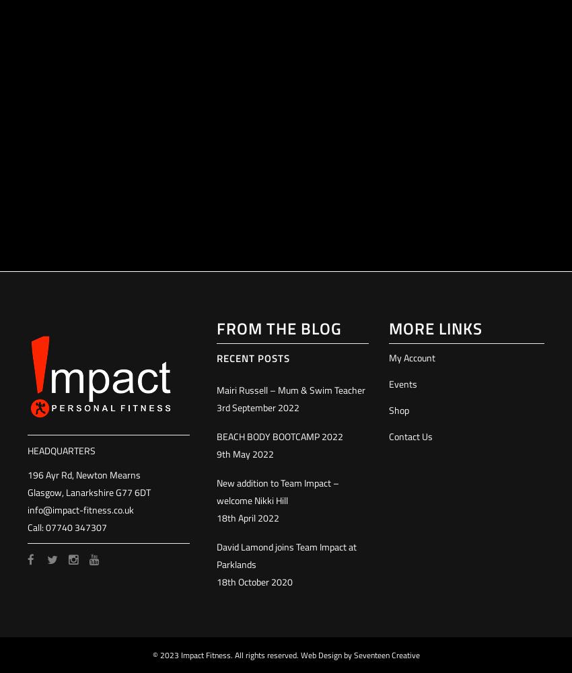  I want to click on 'Shop', so click(398, 409).